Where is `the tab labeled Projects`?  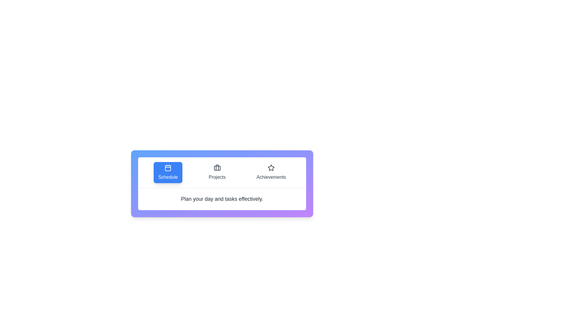
the tab labeled Projects is located at coordinates (217, 172).